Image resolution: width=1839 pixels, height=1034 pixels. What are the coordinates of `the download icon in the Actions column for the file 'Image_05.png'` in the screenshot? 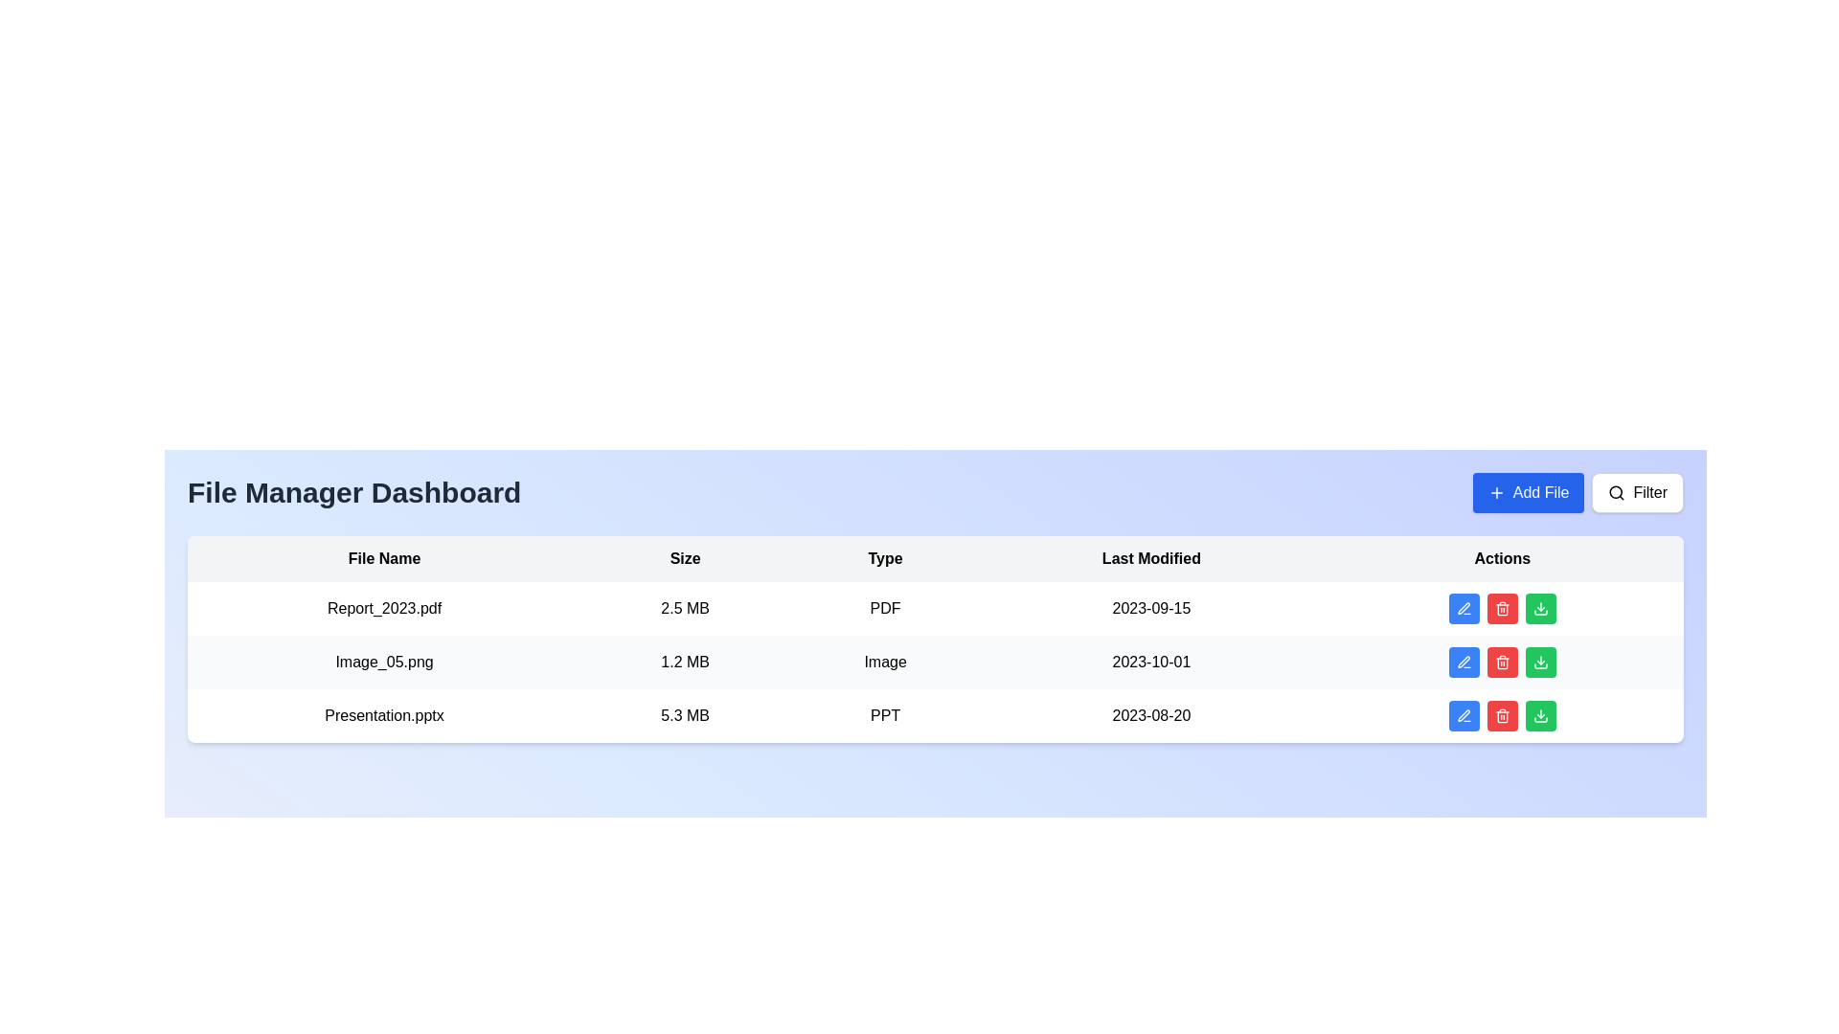 It's located at (1540, 661).